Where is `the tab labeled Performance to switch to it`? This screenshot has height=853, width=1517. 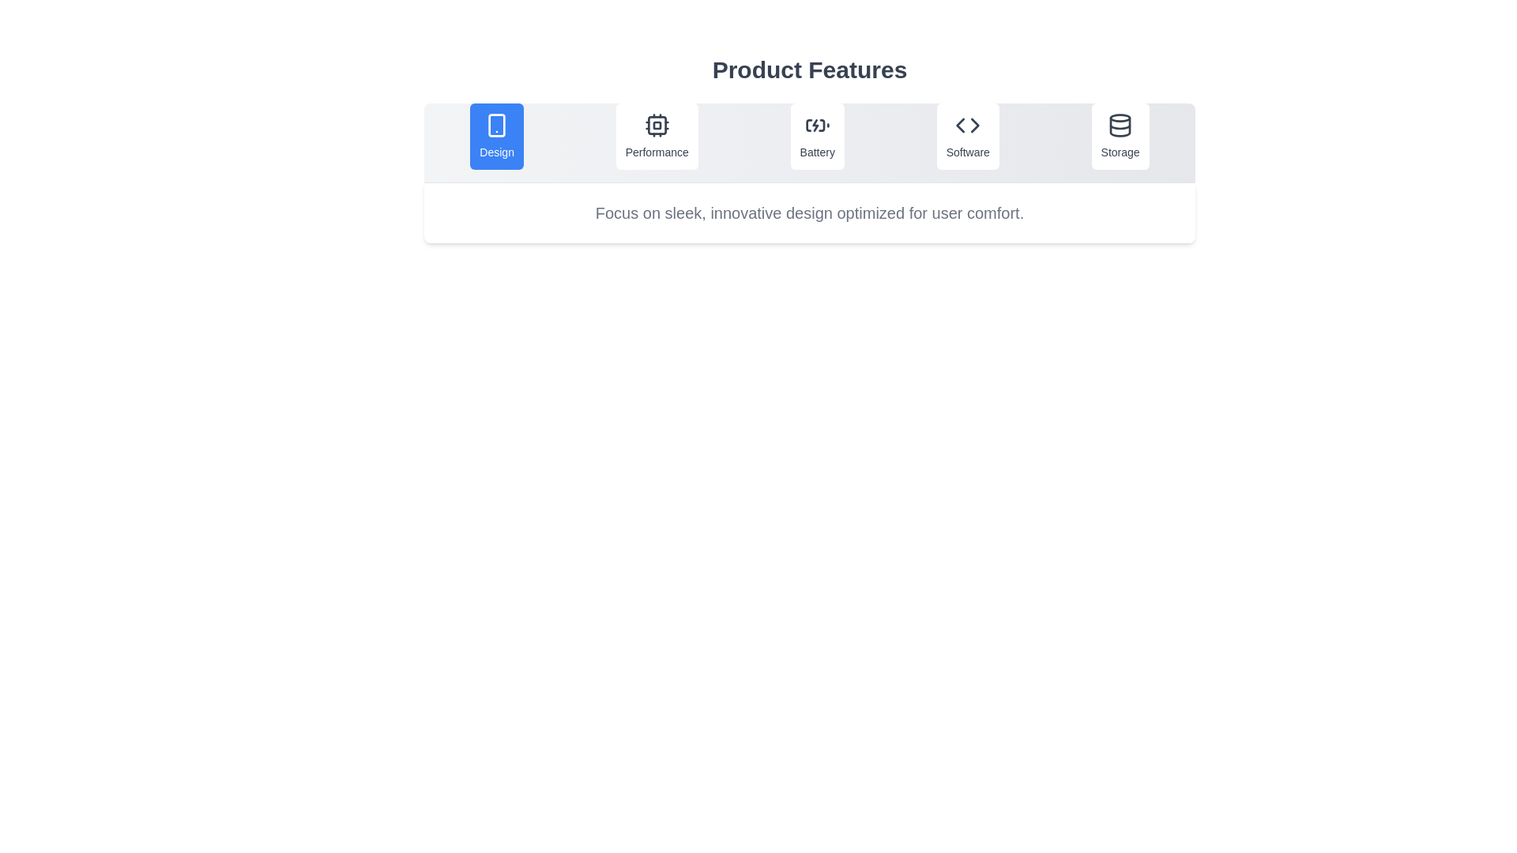
the tab labeled Performance to switch to it is located at coordinates (657, 136).